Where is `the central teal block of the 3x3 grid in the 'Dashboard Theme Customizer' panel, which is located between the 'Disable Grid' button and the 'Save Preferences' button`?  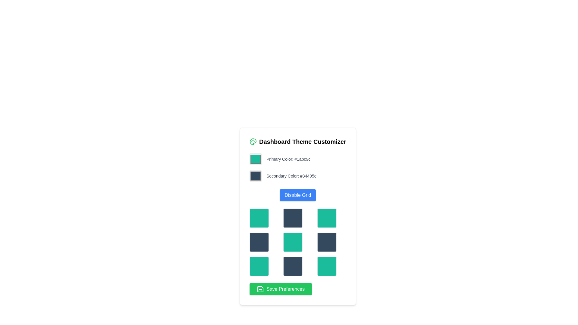 the central teal block of the 3x3 grid in the 'Dashboard Theme Customizer' panel, which is located between the 'Disable Grid' button and the 'Save Preferences' button is located at coordinates (298, 242).